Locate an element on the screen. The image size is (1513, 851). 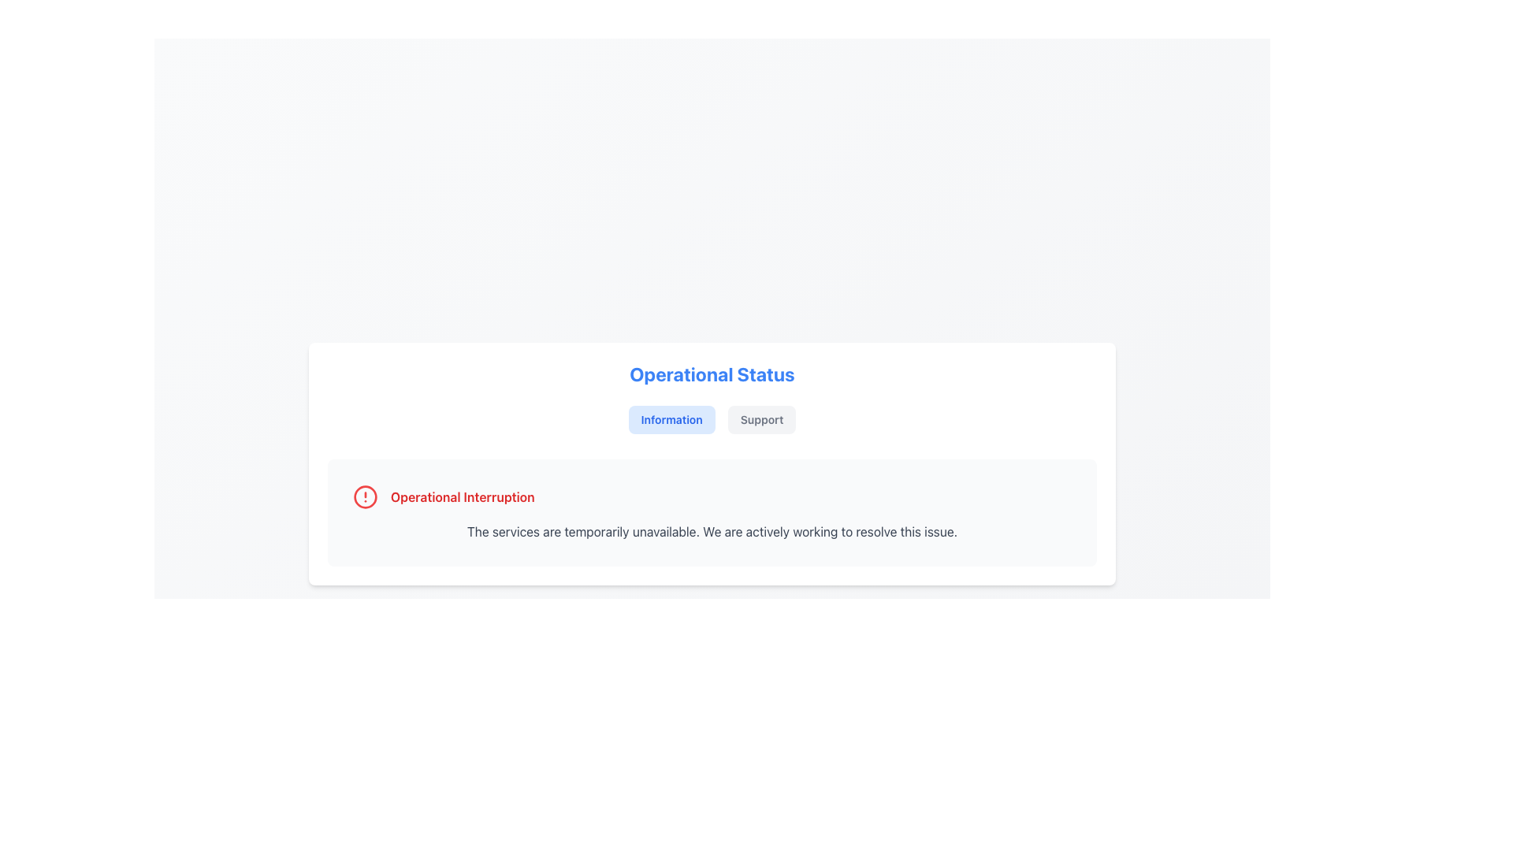
the warning icon SVG graphic element located next to the 'Operational Interruption' text in the main content area is located at coordinates (365, 497).